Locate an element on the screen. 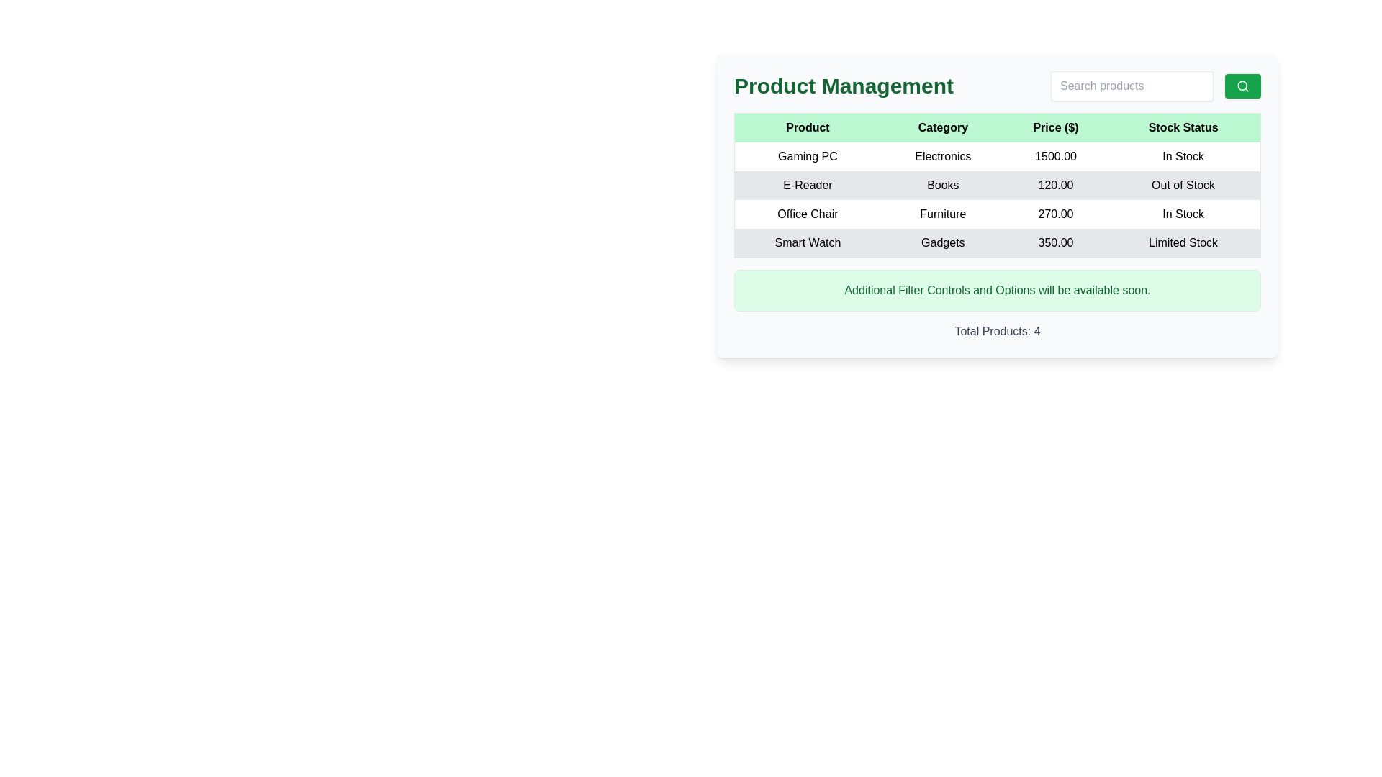 The width and height of the screenshot is (1382, 777). the 'In Stock' static text element located in the last column of the first row of the product table for 'Gaming PC' is located at coordinates (1183, 157).